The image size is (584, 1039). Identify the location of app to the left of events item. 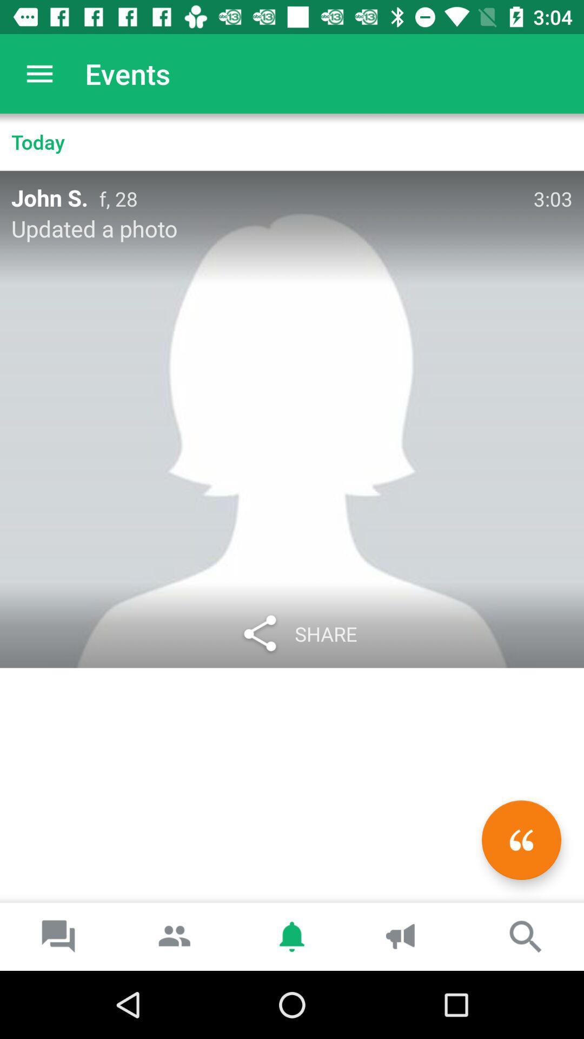
(39, 73).